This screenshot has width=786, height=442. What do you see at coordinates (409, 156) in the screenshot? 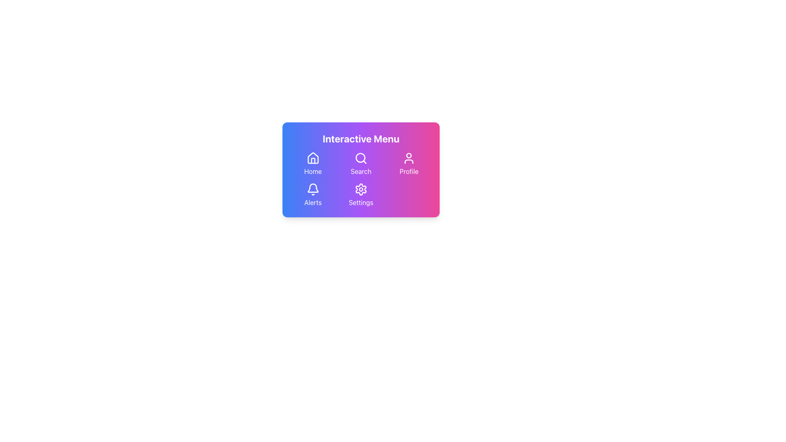
I see `the profile representation graphic component located at the top-center of the interactive menu` at bounding box center [409, 156].